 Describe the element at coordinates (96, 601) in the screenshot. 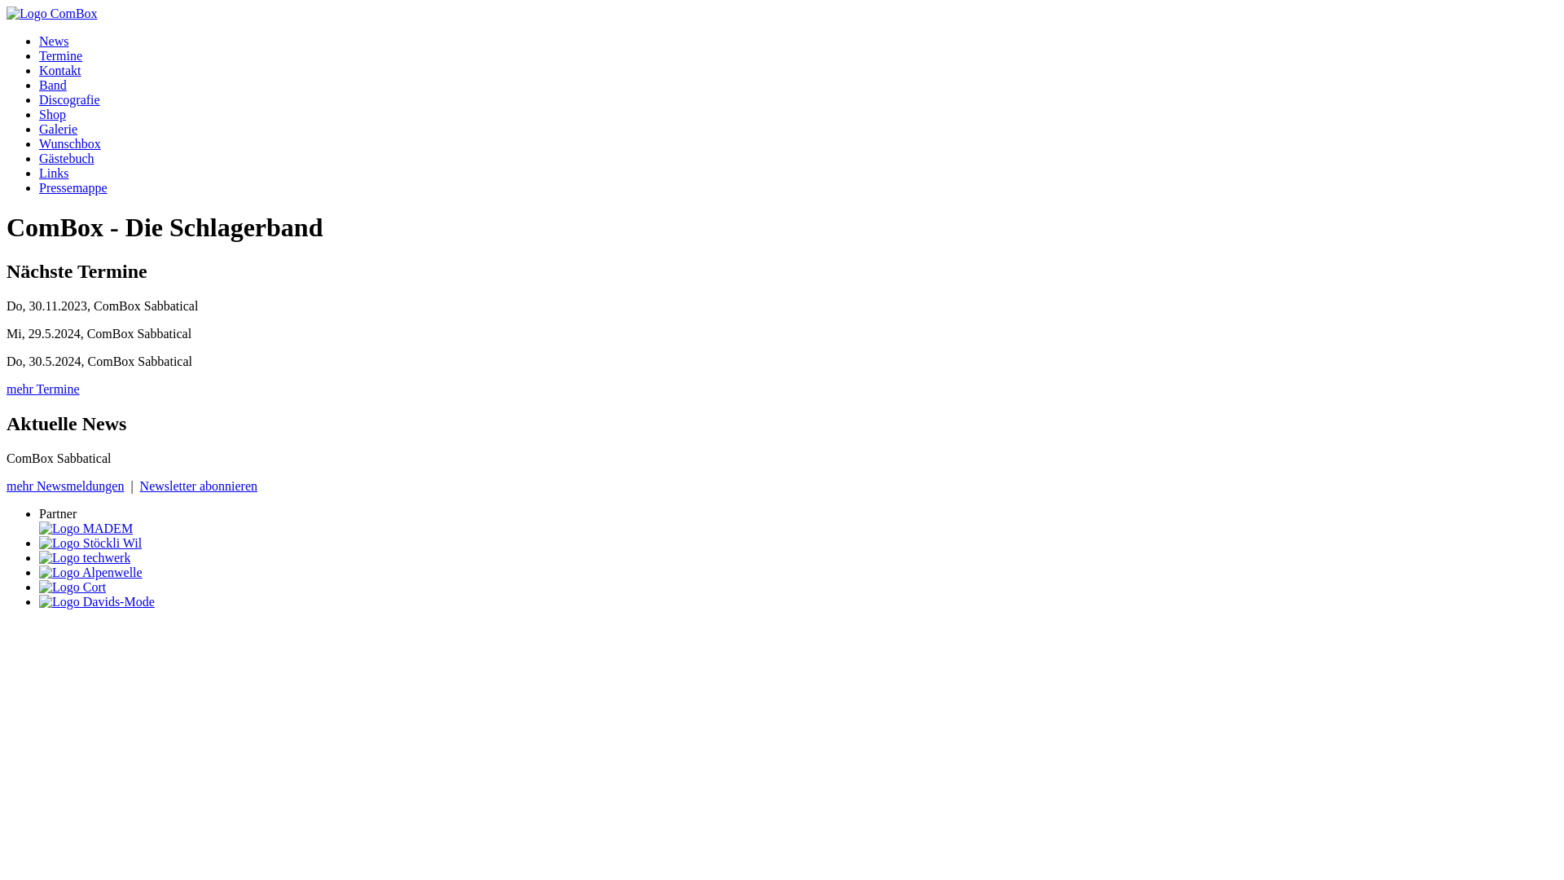

I see `'Link zu Davids-Mode'` at that location.